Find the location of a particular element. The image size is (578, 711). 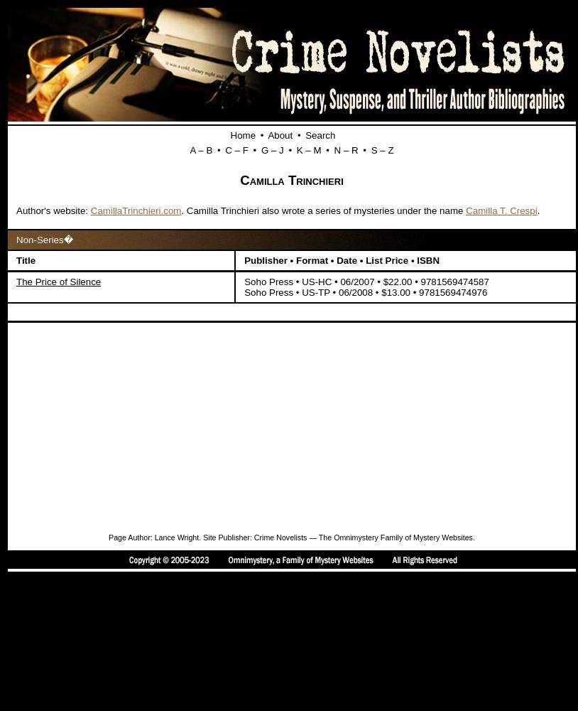

'. Camilla Trinchieri also wrote a series of mysteries under the name' is located at coordinates (322, 210).